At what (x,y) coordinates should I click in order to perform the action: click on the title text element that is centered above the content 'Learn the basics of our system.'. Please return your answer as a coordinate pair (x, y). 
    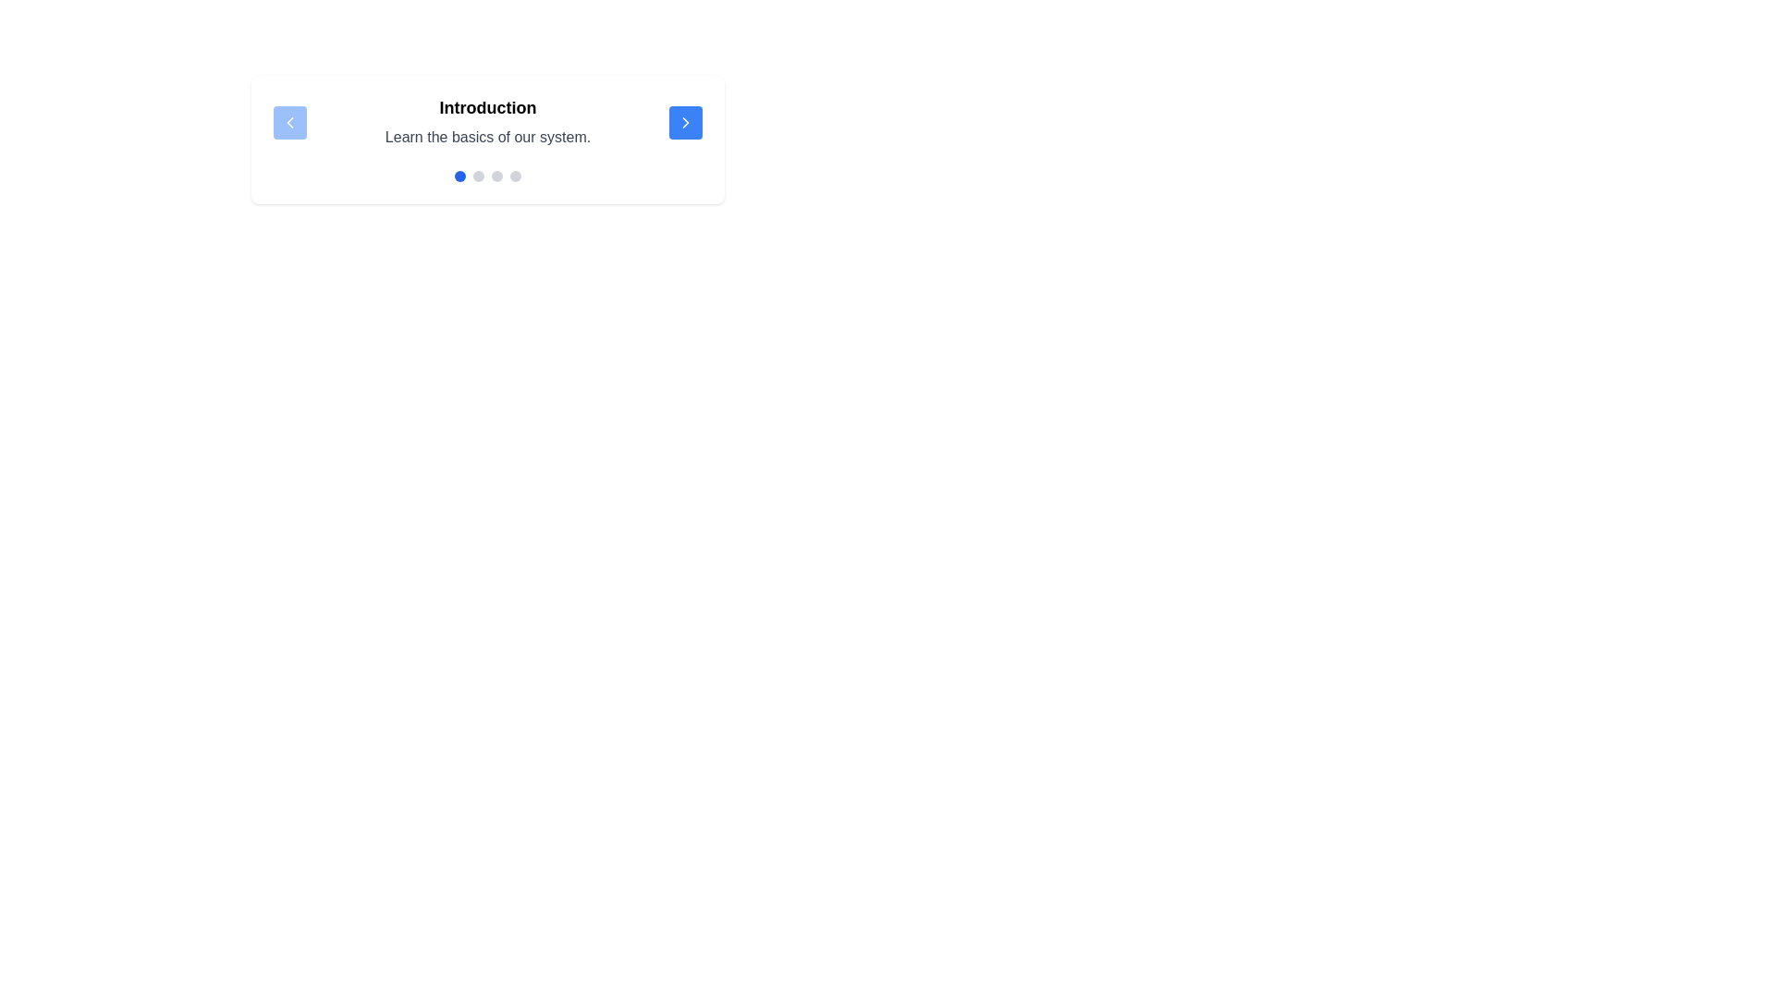
    Looking at the image, I should click on (488, 107).